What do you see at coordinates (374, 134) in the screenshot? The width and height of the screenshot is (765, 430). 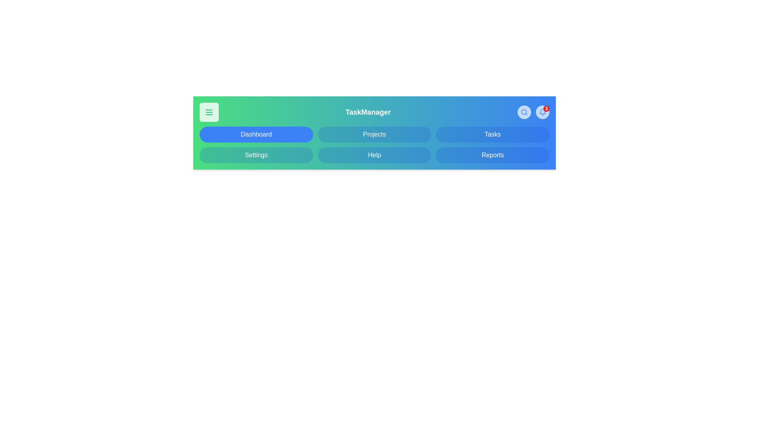 I see `the Projects tab to navigate to it` at bounding box center [374, 134].